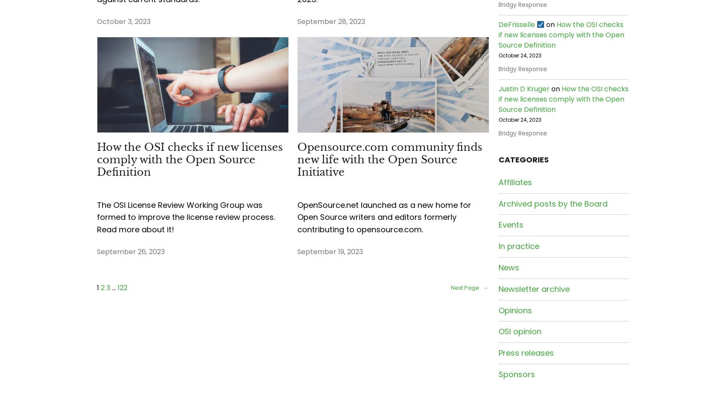  I want to click on 'CATEGORIES', so click(523, 159).